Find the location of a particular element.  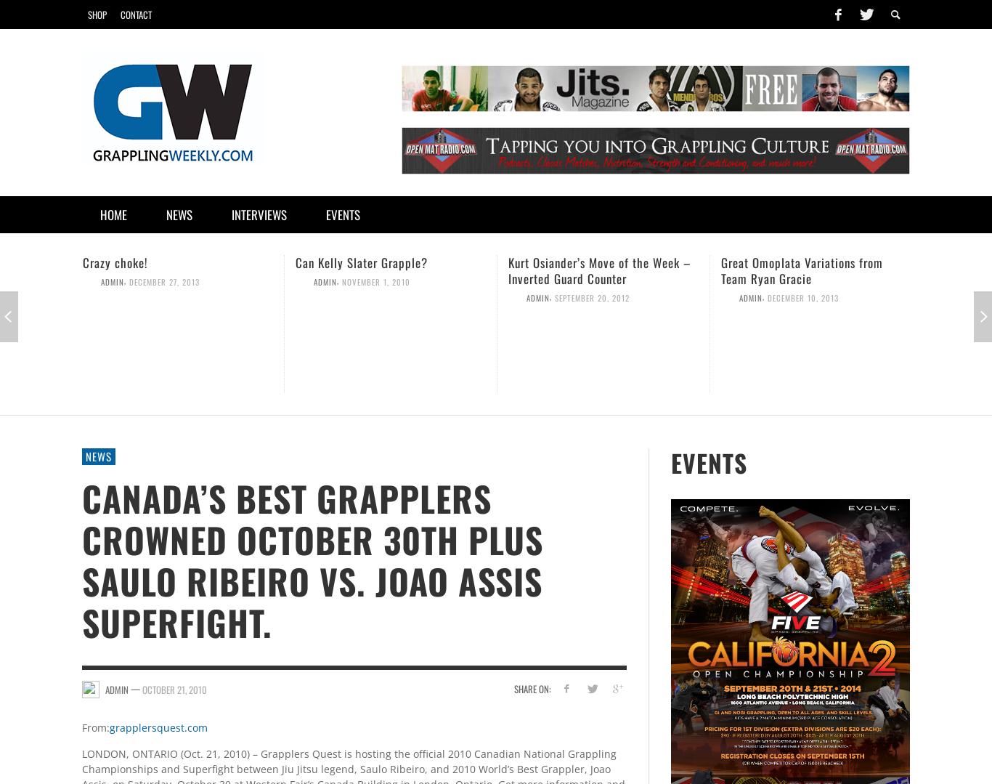

'Great Omoplata Variations from Team Ryan Gracie' is located at coordinates (801, 270).